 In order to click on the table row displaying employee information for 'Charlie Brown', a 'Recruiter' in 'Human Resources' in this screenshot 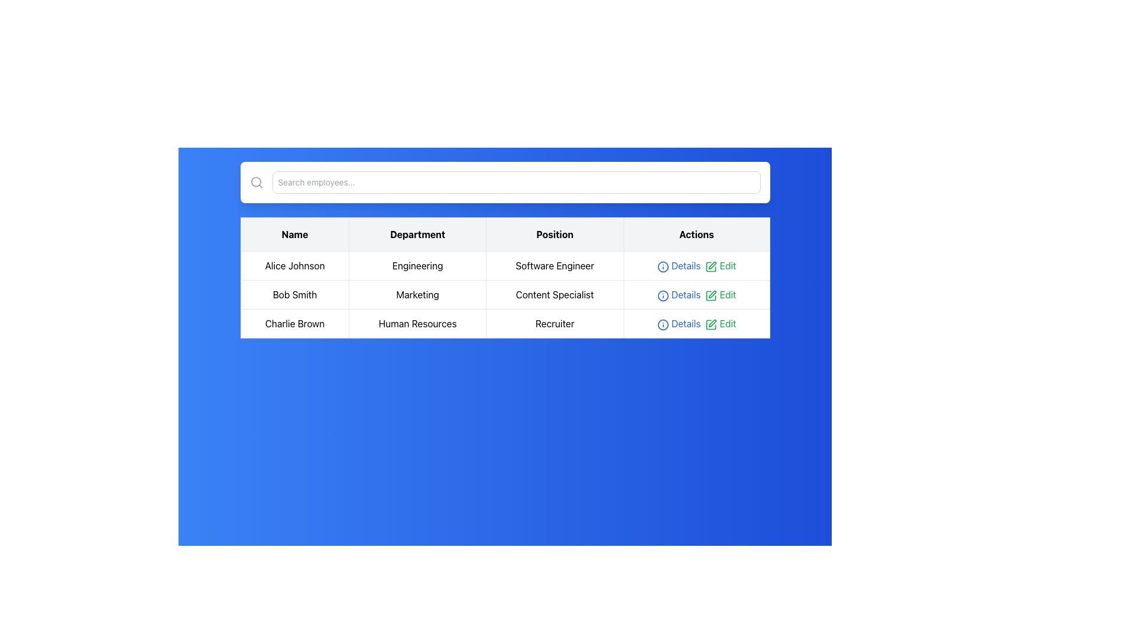, I will do `click(505, 323)`.